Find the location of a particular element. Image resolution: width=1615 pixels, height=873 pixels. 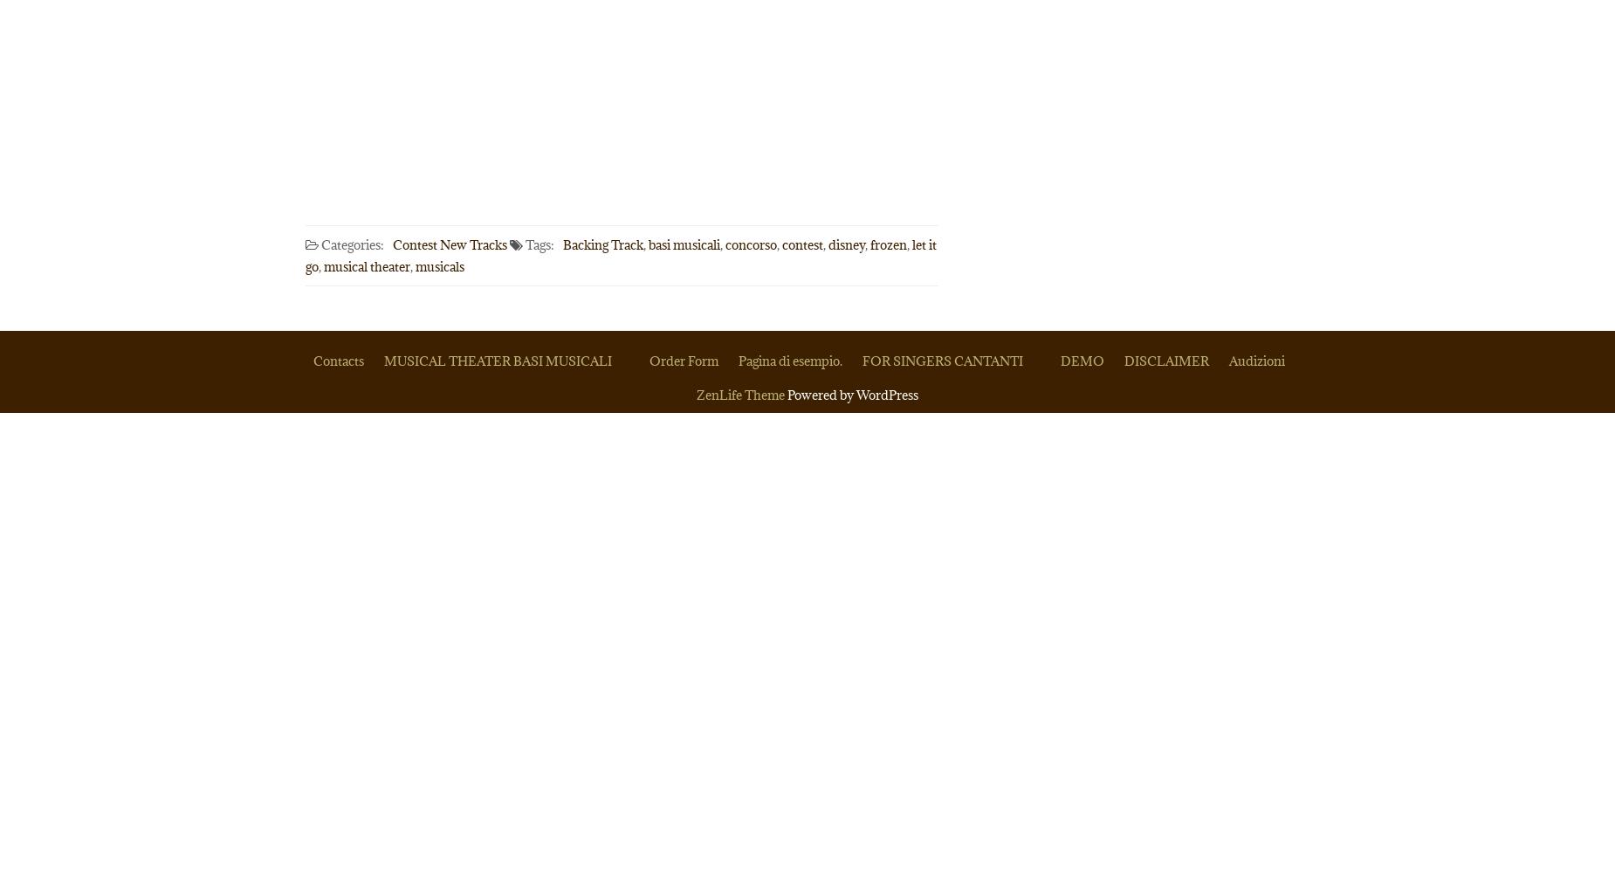

'Audizioni' is located at coordinates (1255, 361).